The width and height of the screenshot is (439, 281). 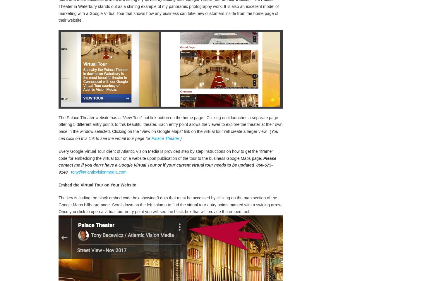 I want to click on '(You can click on this link to see the virtual tour page for', so click(x=168, y=141).